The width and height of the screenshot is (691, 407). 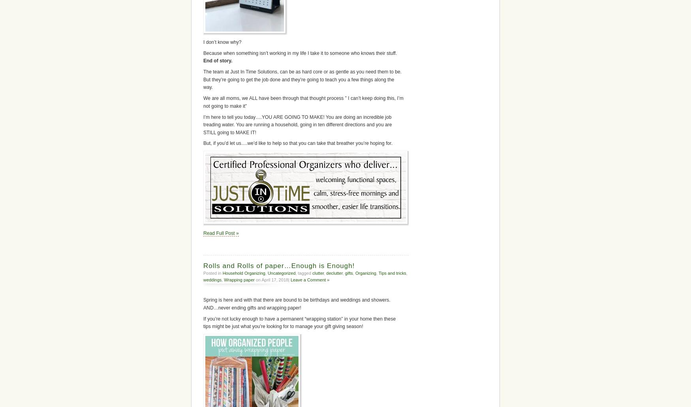 I want to click on 'The team at Just In Time Solutions, can be as hard core or as gentle as you need them to be. But they’re going to get the job done and they’re going to teach you a few things along the way.', so click(x=302, y=79).